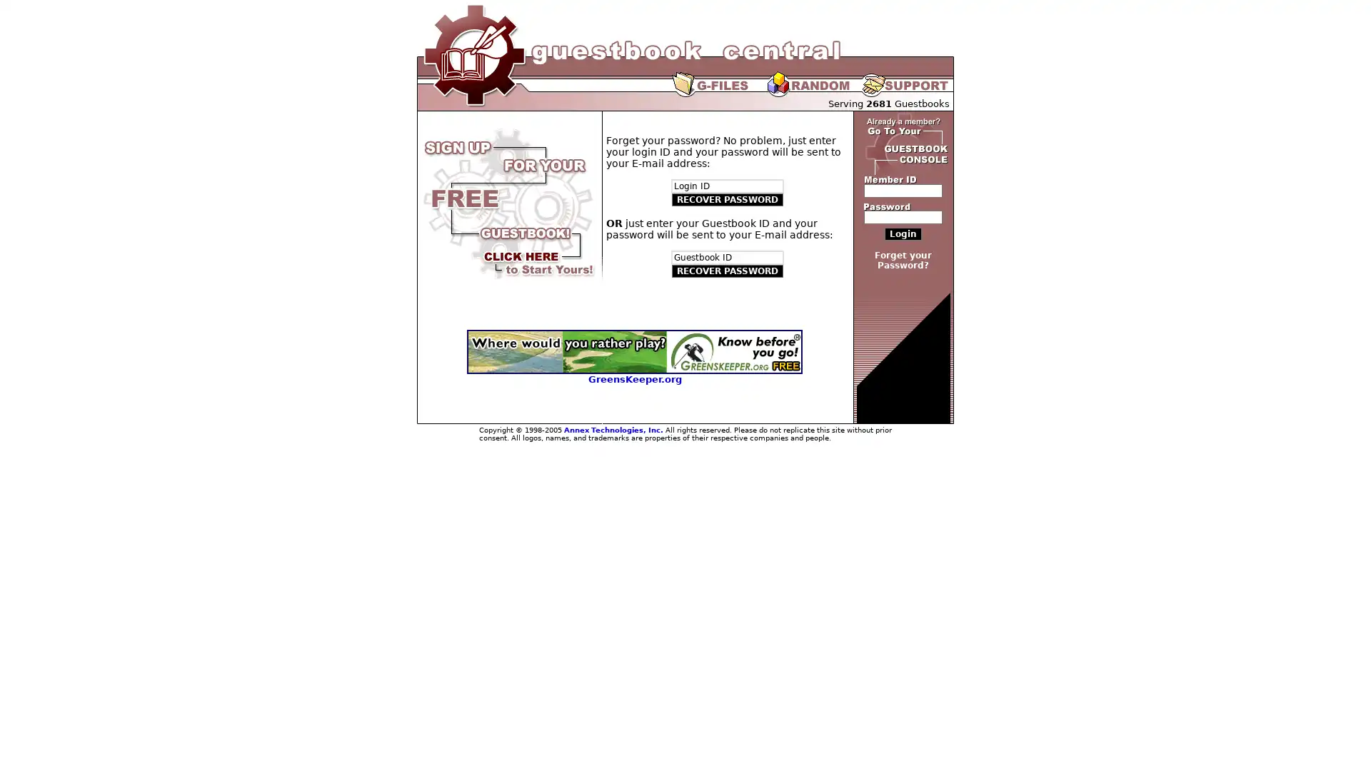 Image resolution: width=1371 pixels, height=771 pixels. Describe the element at coordinates (903, 233) in the screenshot. I see `Login` at that location.